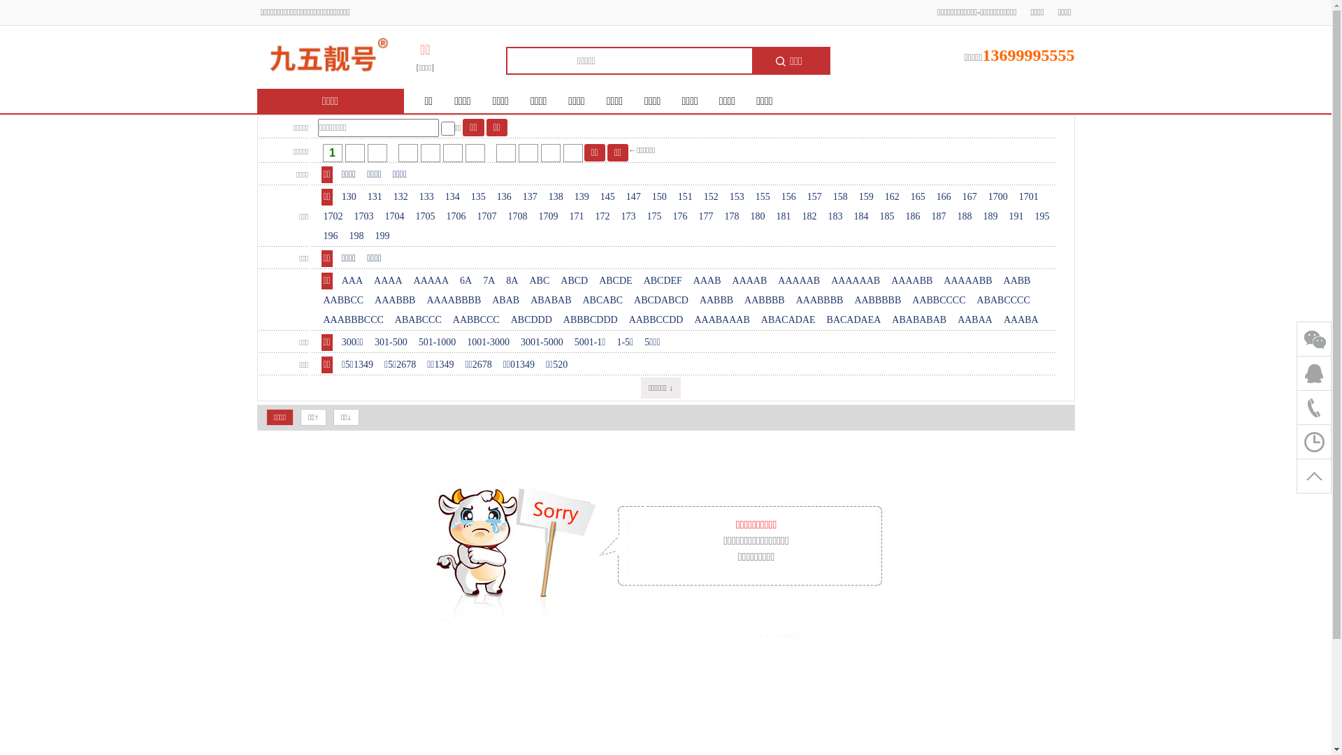 This screenshot has height=755, width=1342. Describe the element at coordinates (548, 216) in the screenshot. I see `'1709'` at that location.